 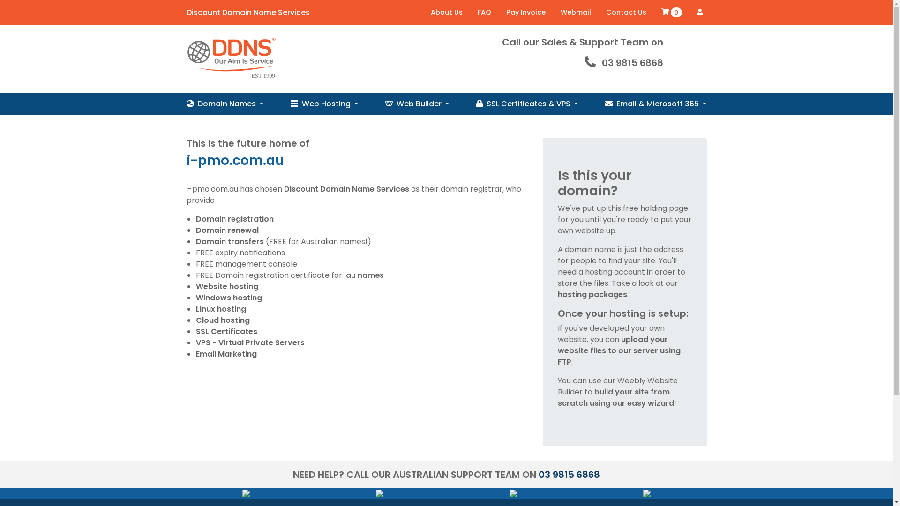 What do you see at coordinates (625, 13) in the screenshot?
I see `'Contact Us'` at bounding box center [625, 13].